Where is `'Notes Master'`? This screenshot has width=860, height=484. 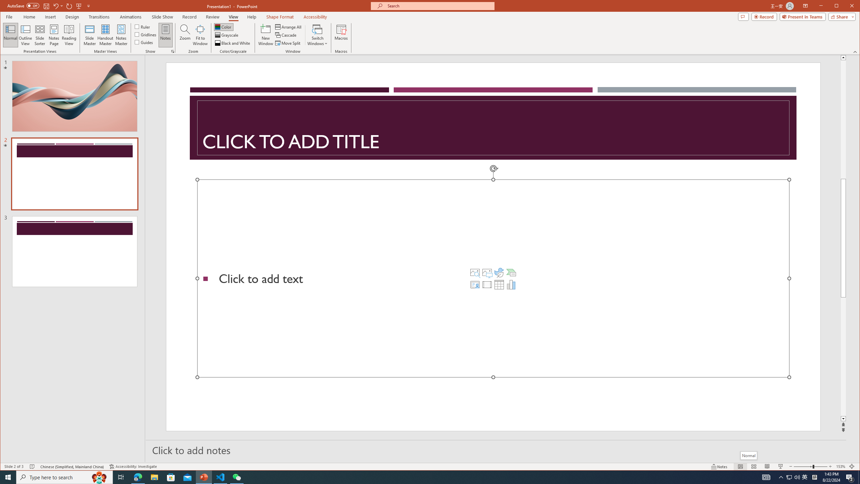 'Notes Master' is located at coordinates (121, 35).